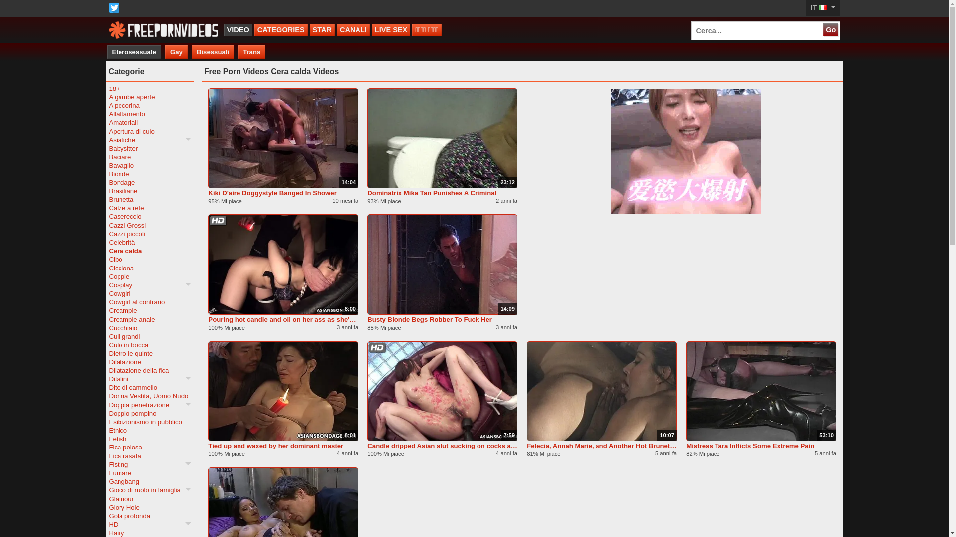  Describe the element at coordinates (442, 390) in the screenshot. I see `'7:59'` at that location.